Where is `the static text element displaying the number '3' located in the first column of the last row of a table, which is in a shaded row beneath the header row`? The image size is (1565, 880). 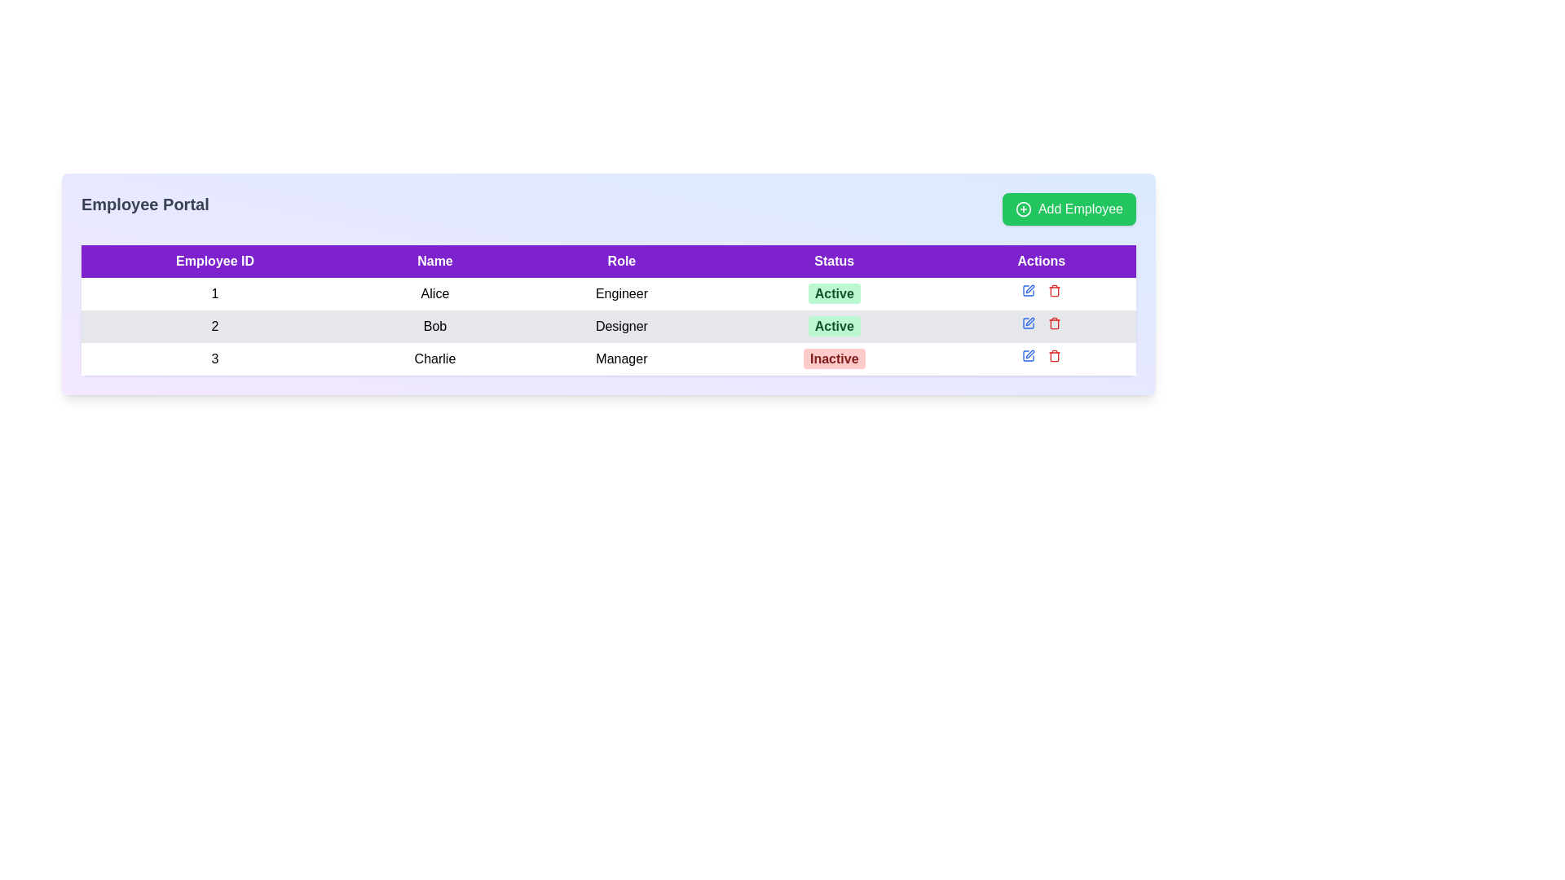 the static text element displaying the number '3' located in the first column of the last row of a table, which is in a shaded row beneath the header row is located at coordinates (214, 358).